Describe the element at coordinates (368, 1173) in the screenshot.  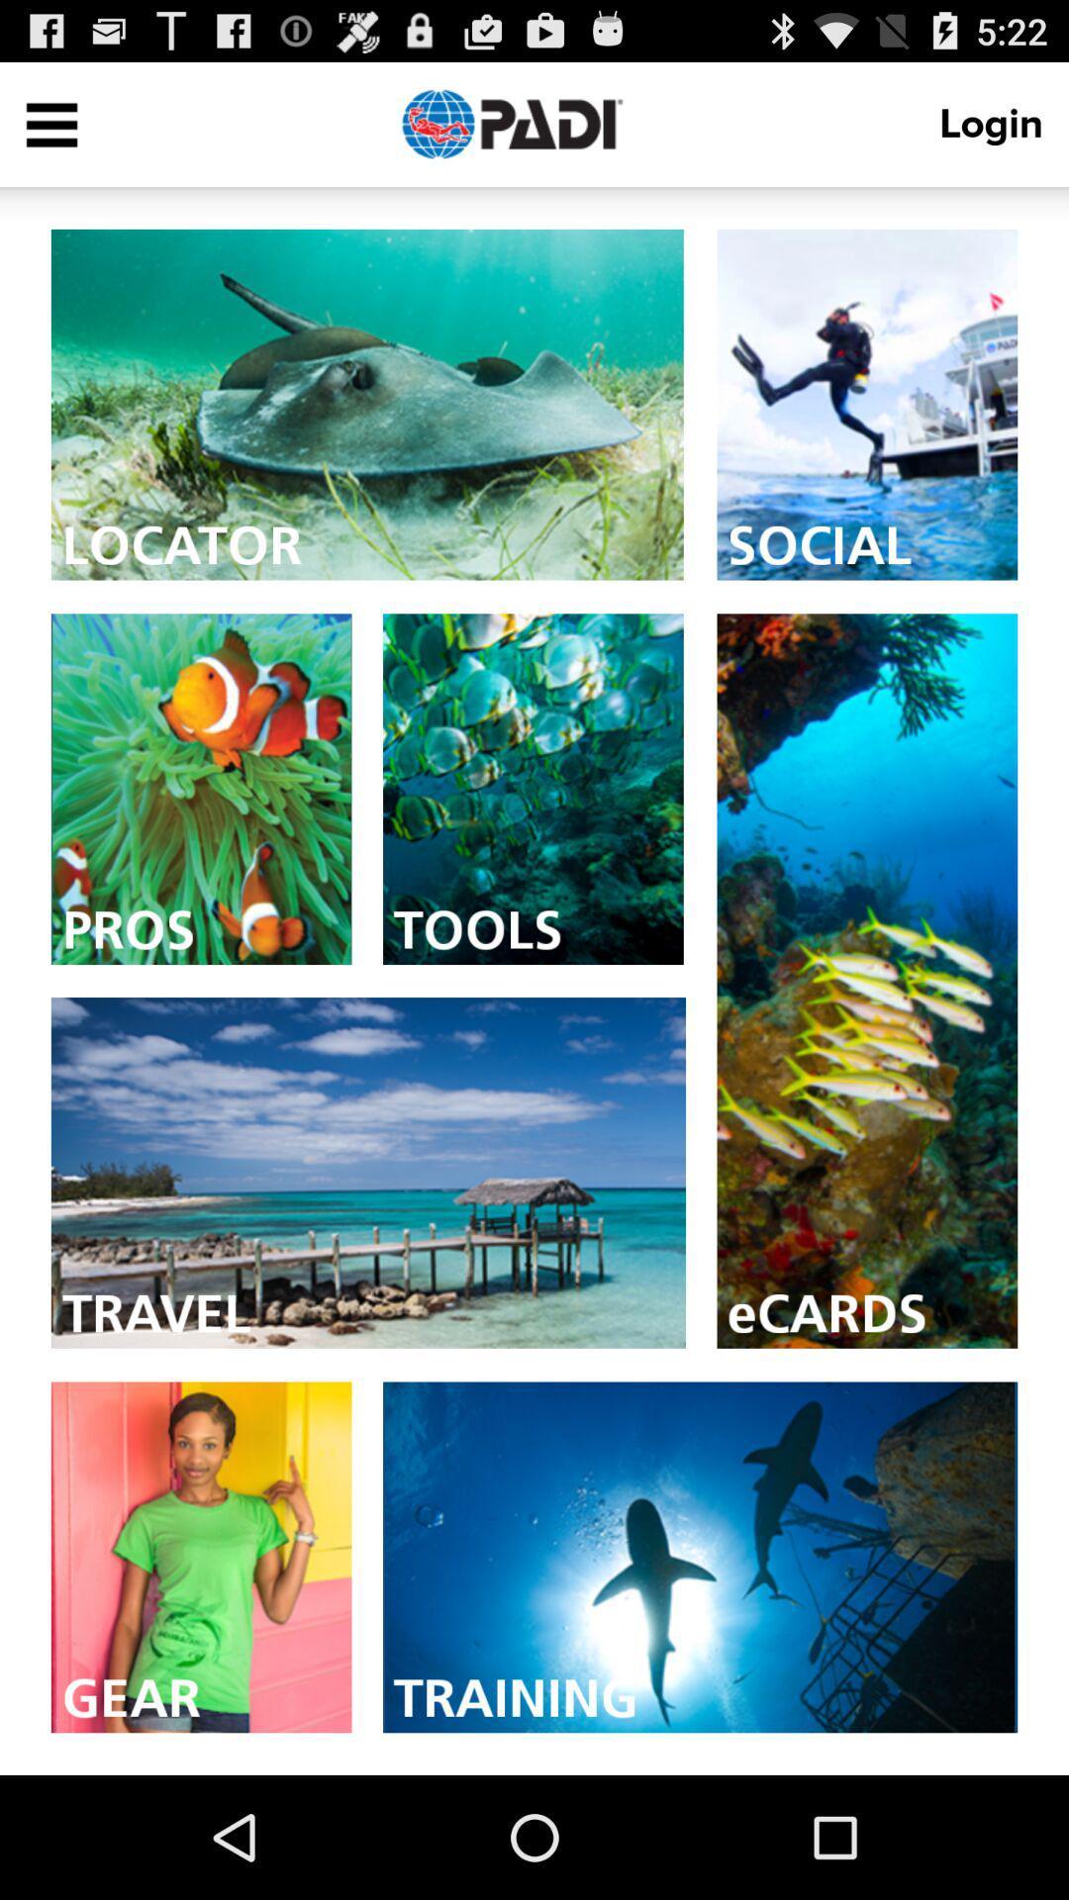
I see `travel` at that location.